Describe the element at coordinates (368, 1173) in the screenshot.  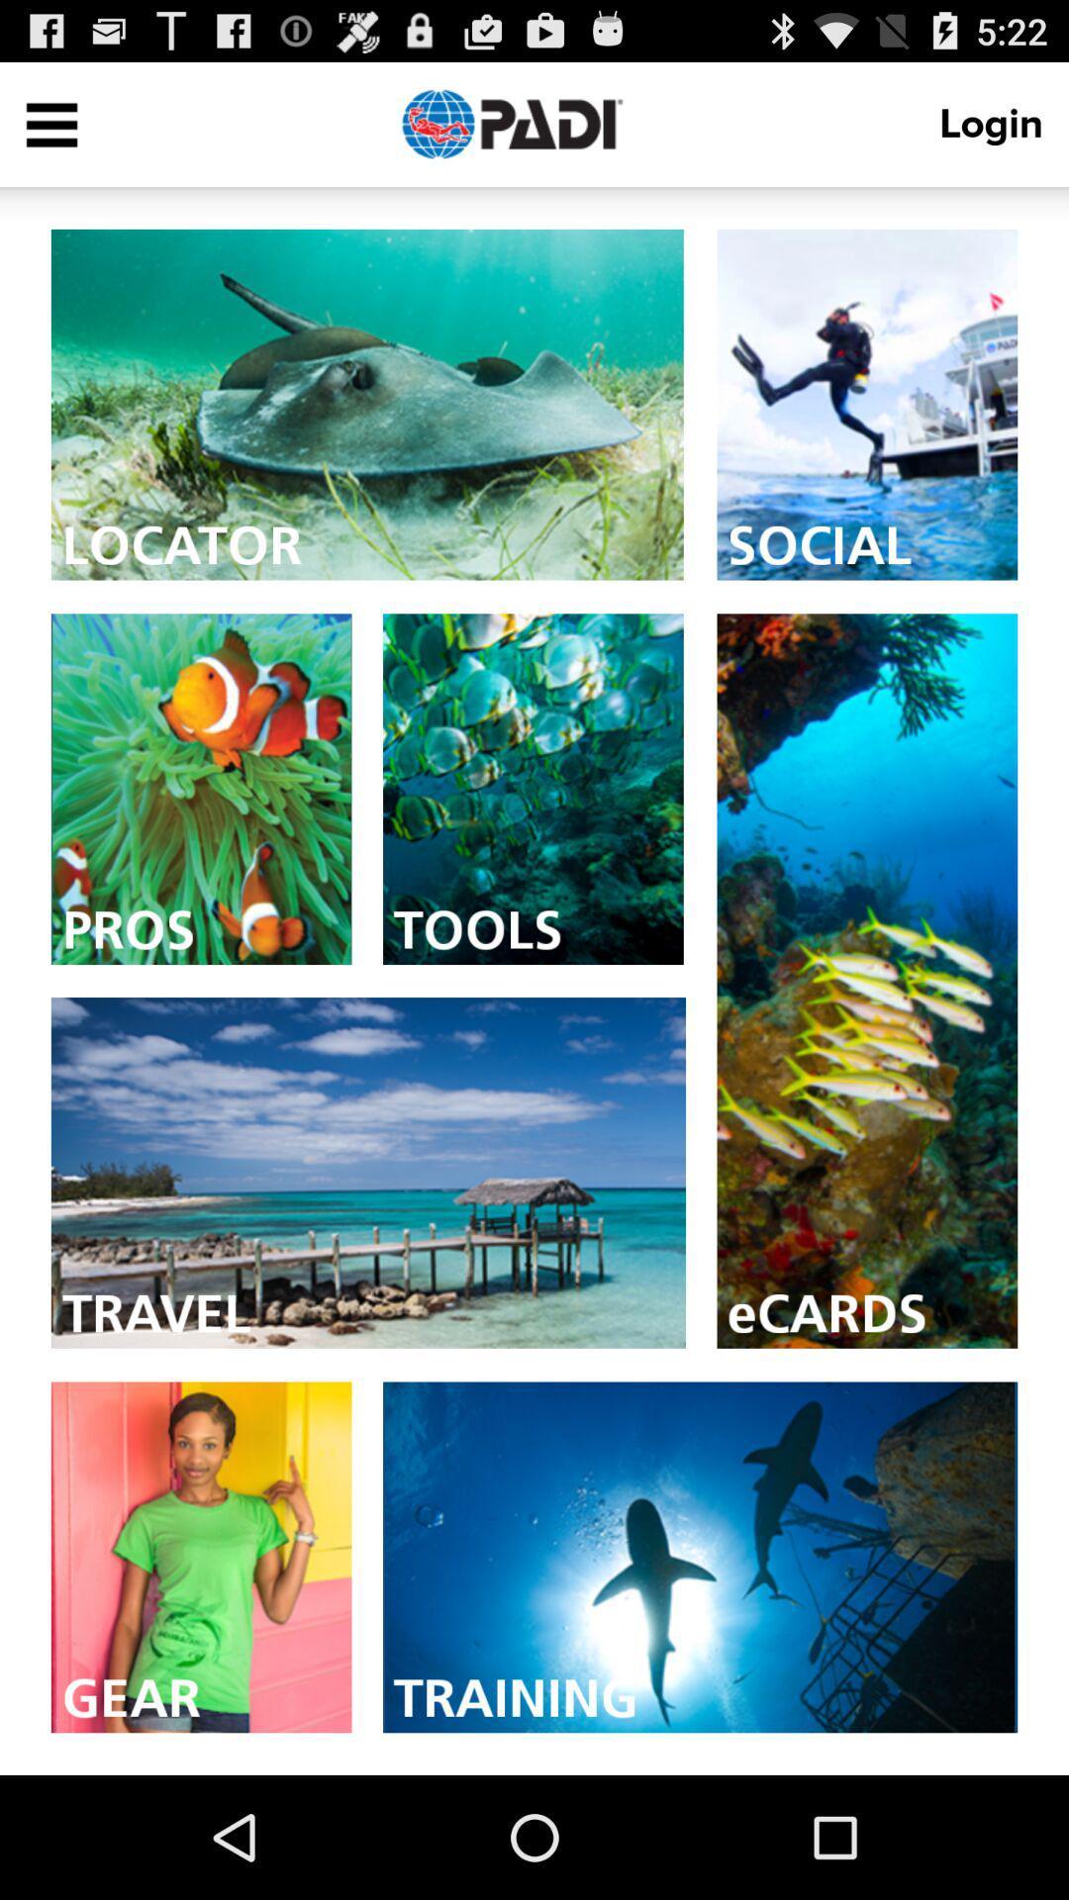
I see `travel` at that location.